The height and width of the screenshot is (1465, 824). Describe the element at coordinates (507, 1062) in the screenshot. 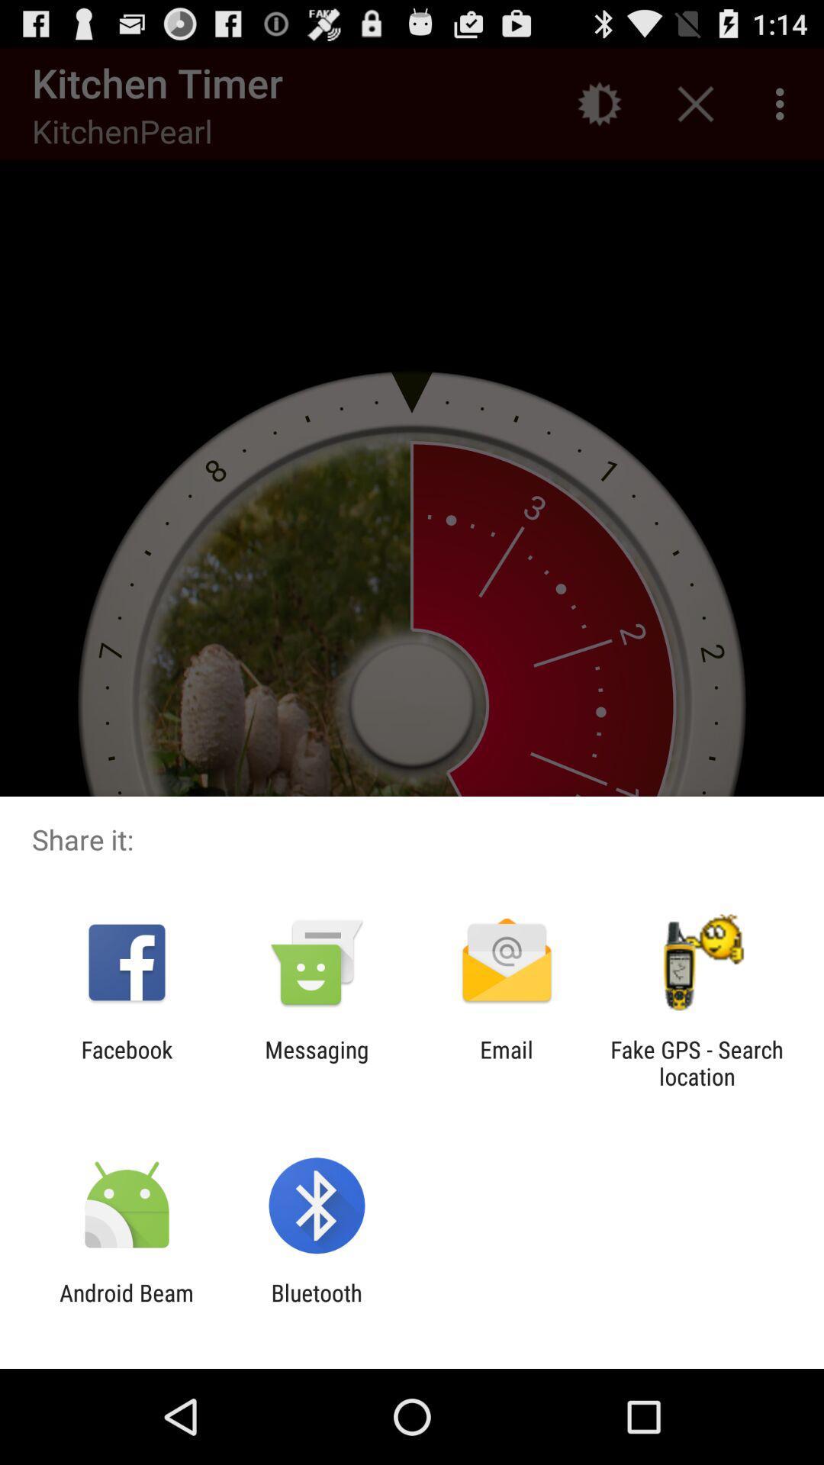

I see `app next to the fake gps search item` at that location.